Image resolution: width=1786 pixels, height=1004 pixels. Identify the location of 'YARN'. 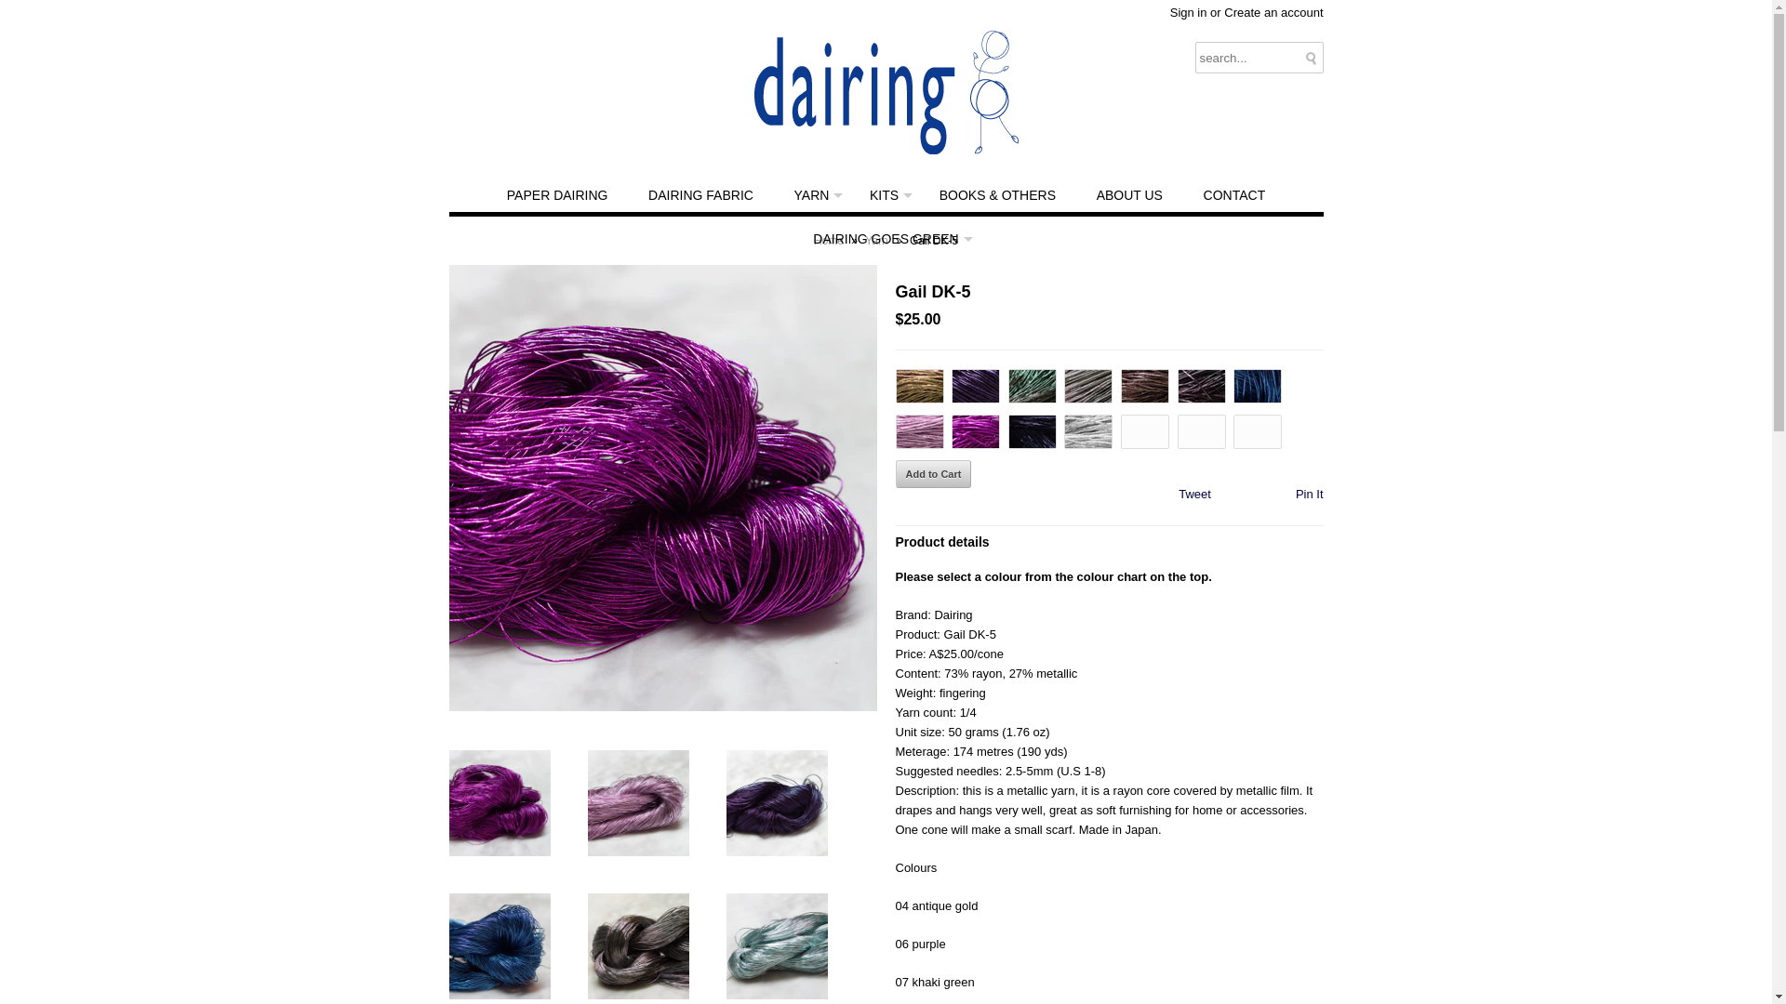
(776, 195).